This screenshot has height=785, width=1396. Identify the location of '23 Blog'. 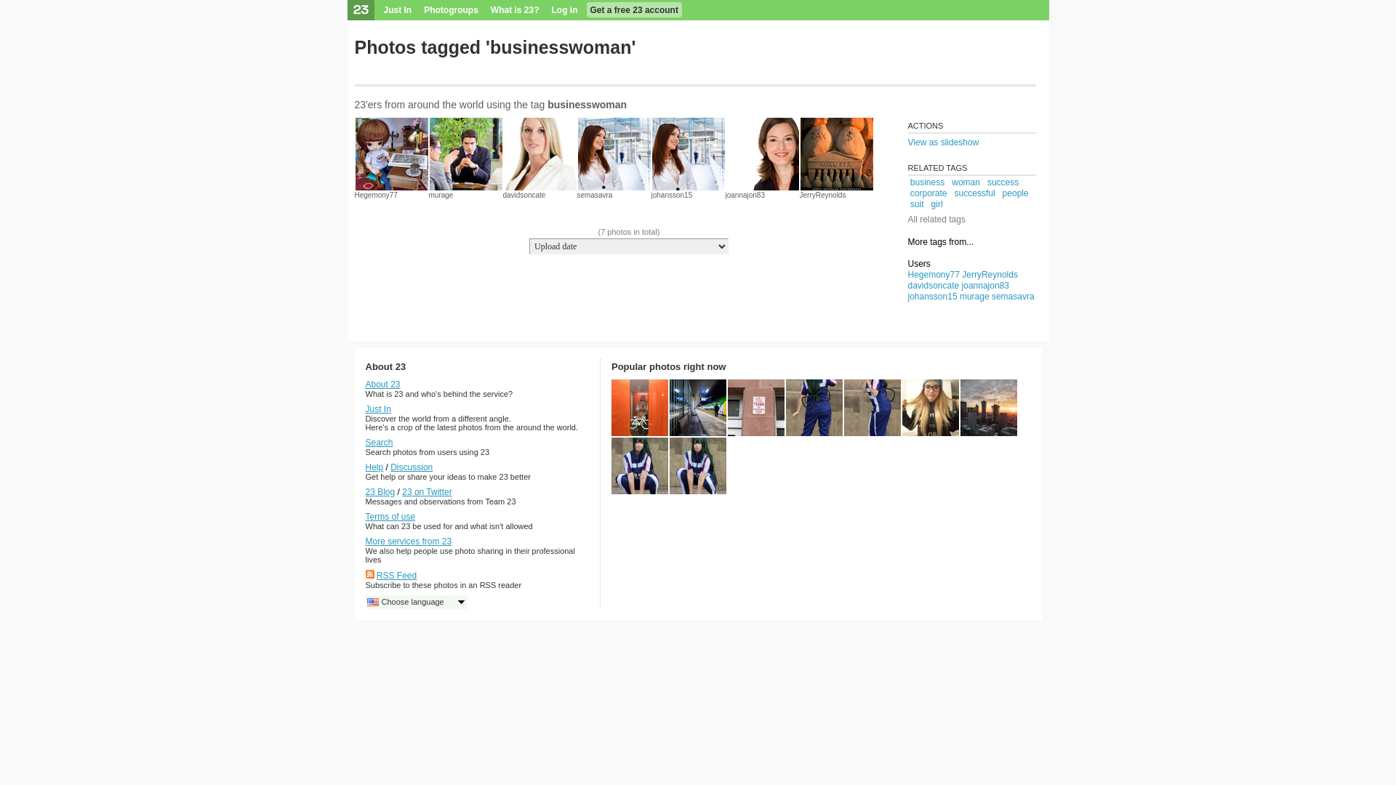
(380, 491).